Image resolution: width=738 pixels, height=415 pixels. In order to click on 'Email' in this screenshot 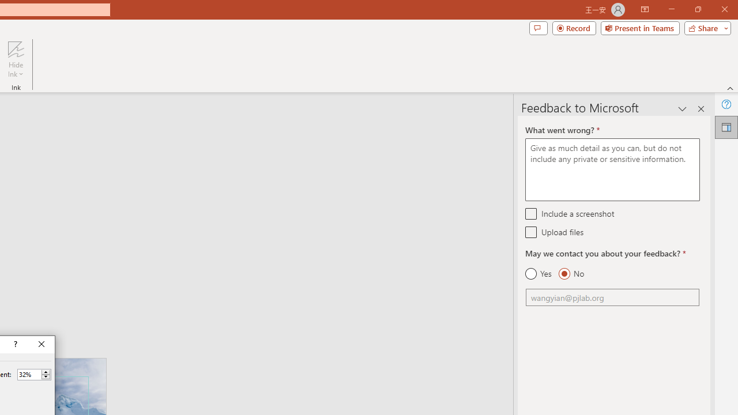, I will do `click(612, 297)`.